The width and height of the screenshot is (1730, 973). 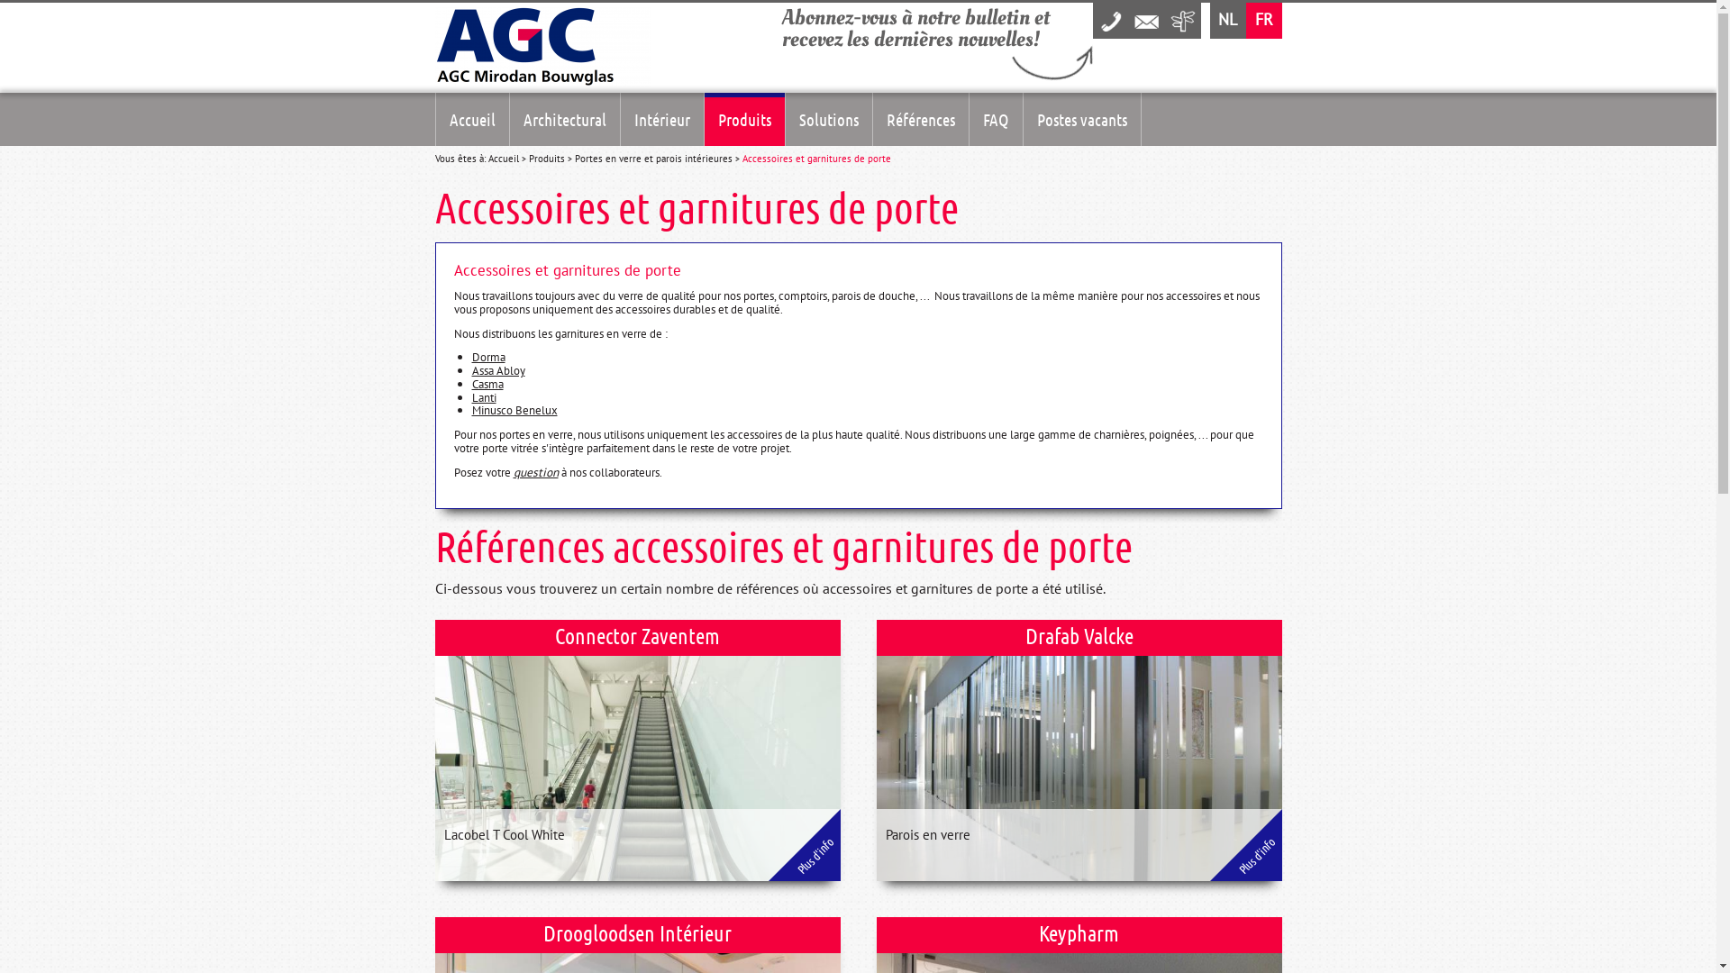 What do you see at coordinates (828, 119) in the screenshot?
I see `'Solutions'` at bounding box center [828, 119].